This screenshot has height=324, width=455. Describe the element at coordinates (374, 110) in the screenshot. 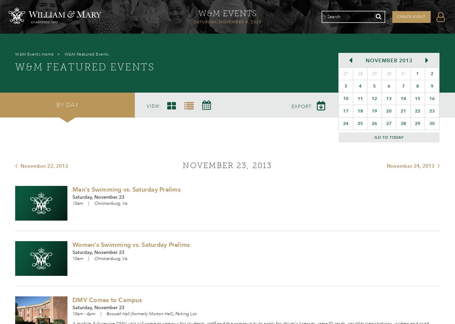

I see `'19'` at that location.